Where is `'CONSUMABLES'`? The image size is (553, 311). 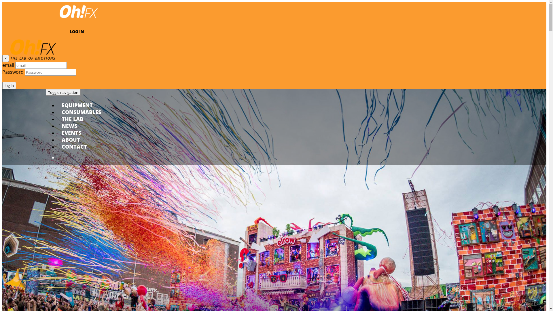
'CONSUMABLES' is located at coordinates (81, 112).